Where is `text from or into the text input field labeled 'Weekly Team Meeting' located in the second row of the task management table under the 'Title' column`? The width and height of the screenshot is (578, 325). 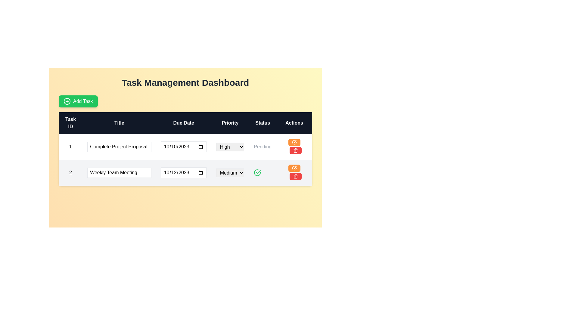 text from or into the text input field labeled 'Weekly Team Meeting' located in the second row of the task management table under the 'Title' column is located at coordinates (119, 173).